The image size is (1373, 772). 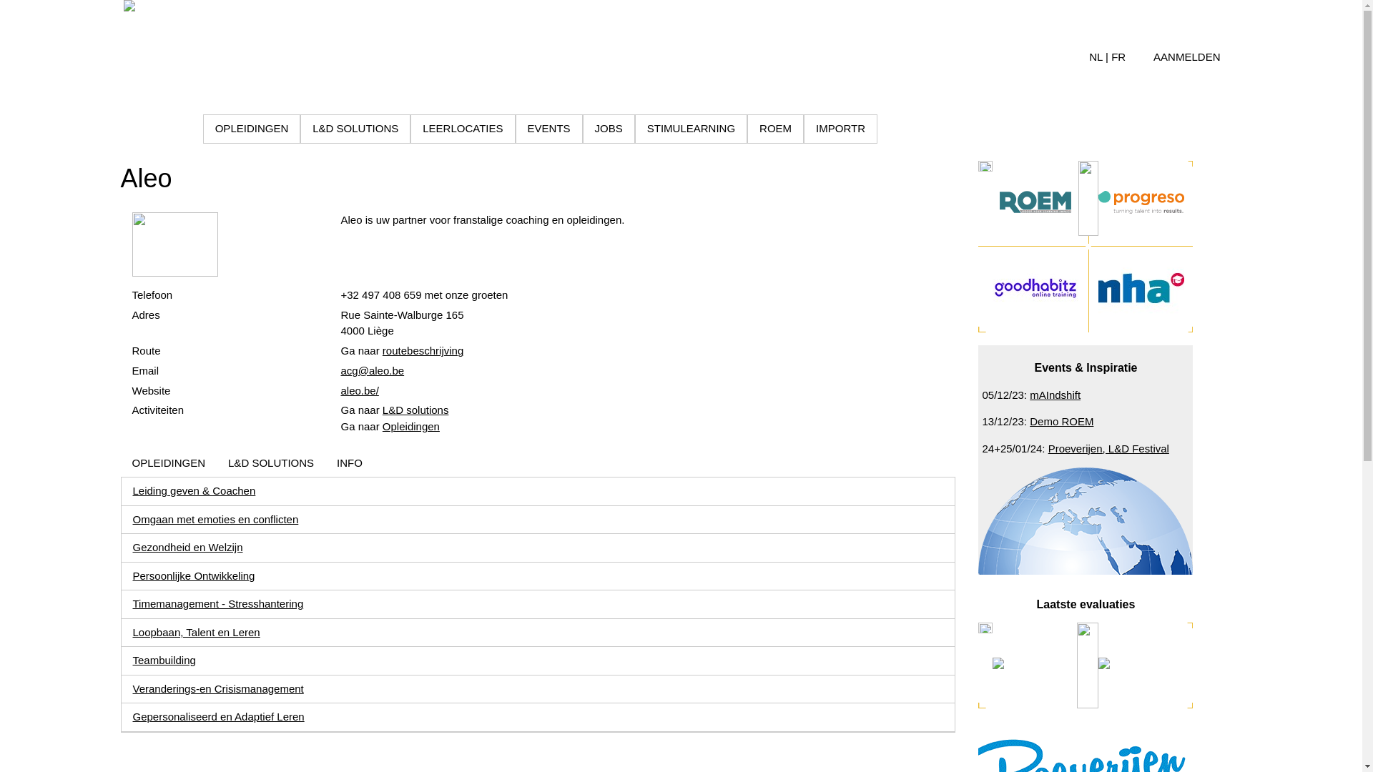 What do you see at coordinates (410, 425) in the screenshot?
I see `'Opleidingen'` at bounding box center [410, 425].